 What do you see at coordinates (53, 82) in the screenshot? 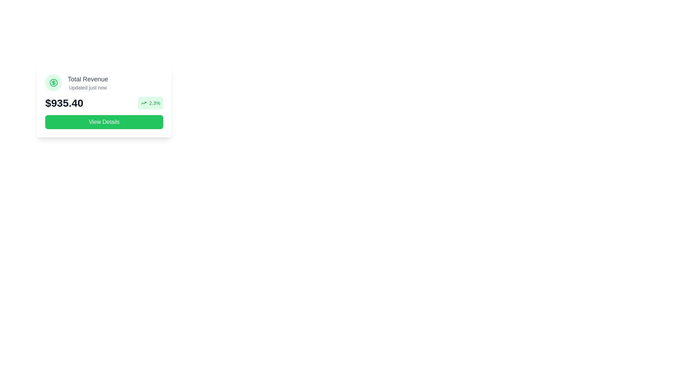
I see `the green circular SVG element located near the 'Total Revenue' label within the upper-left quadrant of the interface` at bounding box center [53, 82].